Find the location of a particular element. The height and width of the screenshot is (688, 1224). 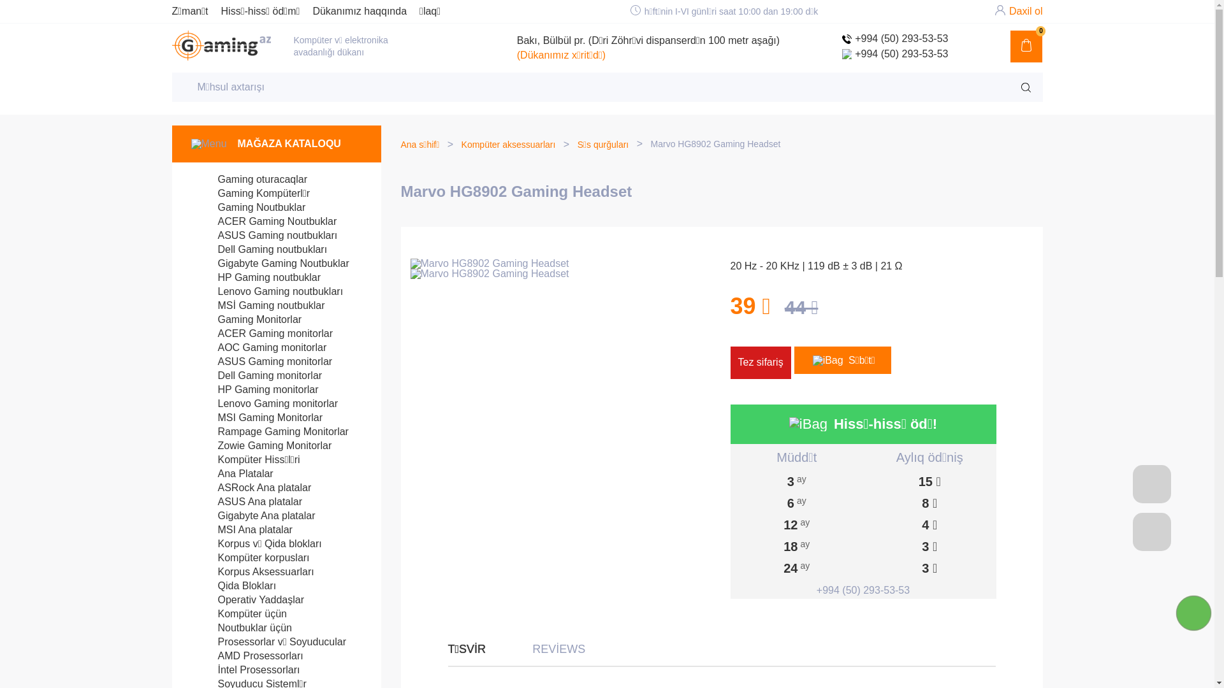

'ACER Gaming monitorlar' is located at coordinates (261, 333).